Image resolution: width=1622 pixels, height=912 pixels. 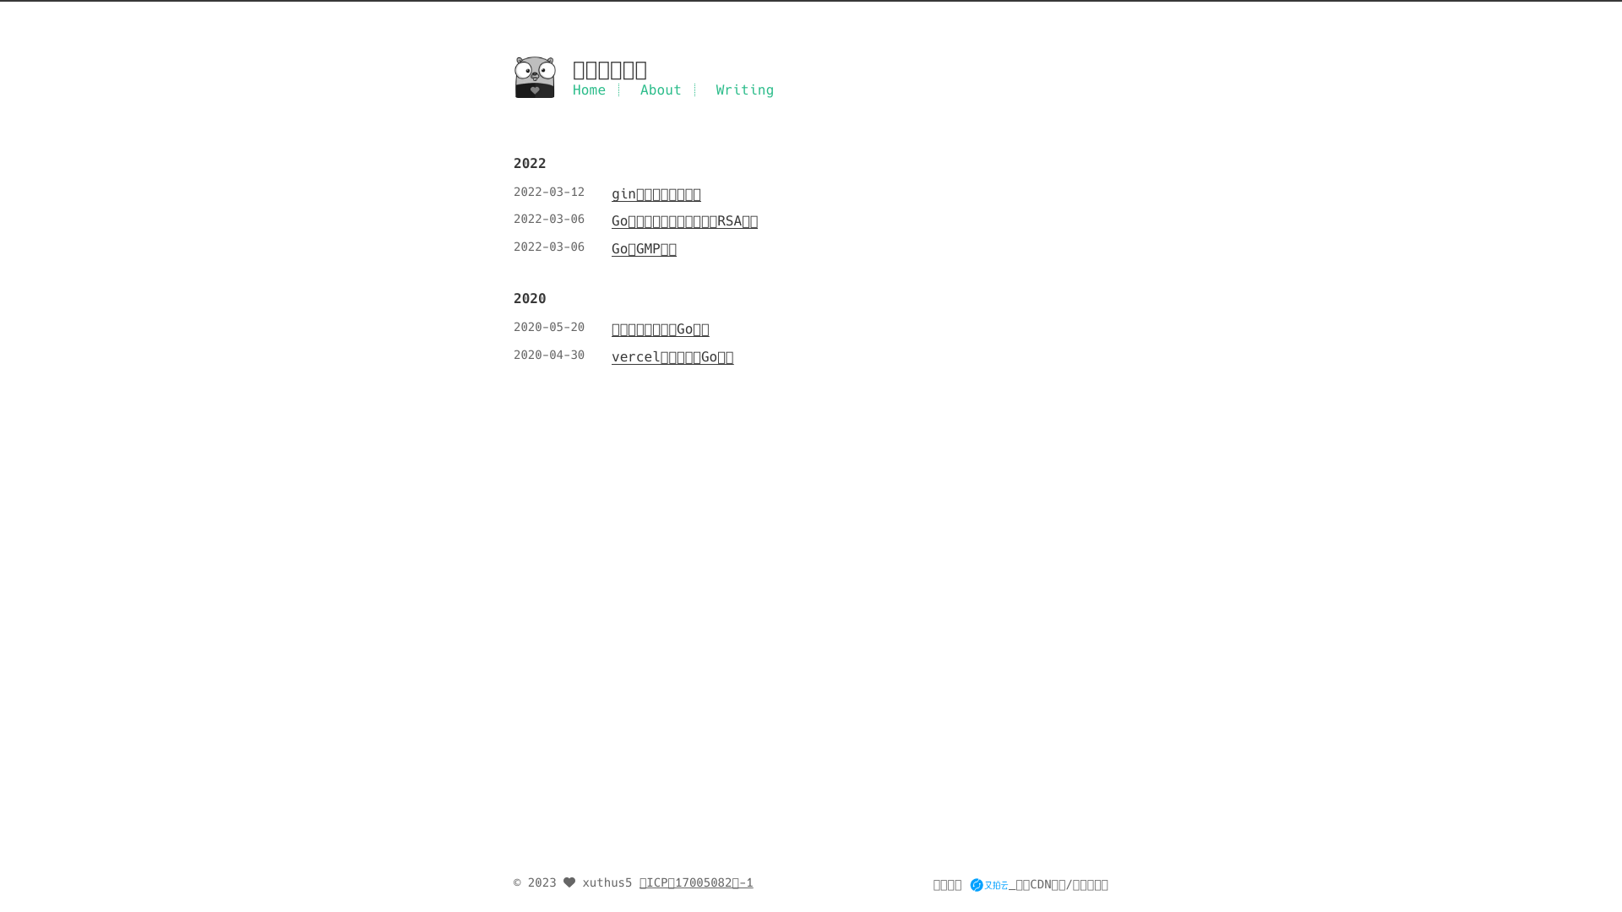 What do you see at coordinates (660, 90) in the screenshot?
I see `'About'` at bounding box center [660, 90].